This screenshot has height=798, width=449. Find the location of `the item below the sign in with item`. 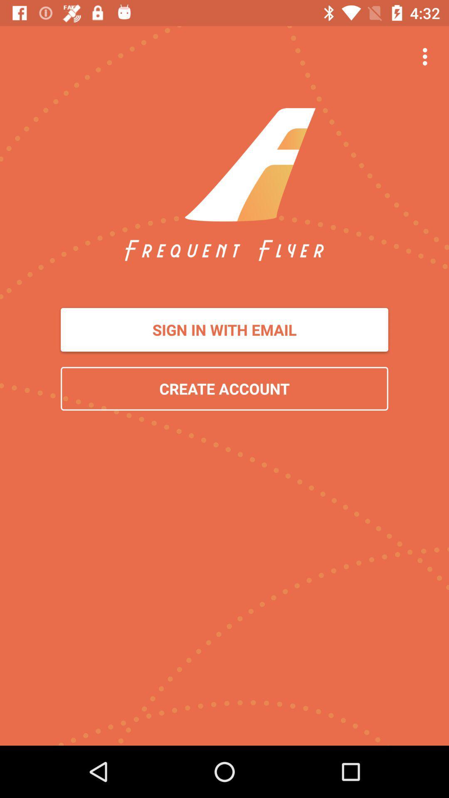

the item below the sign in with item is located at coordinates (224, 388).